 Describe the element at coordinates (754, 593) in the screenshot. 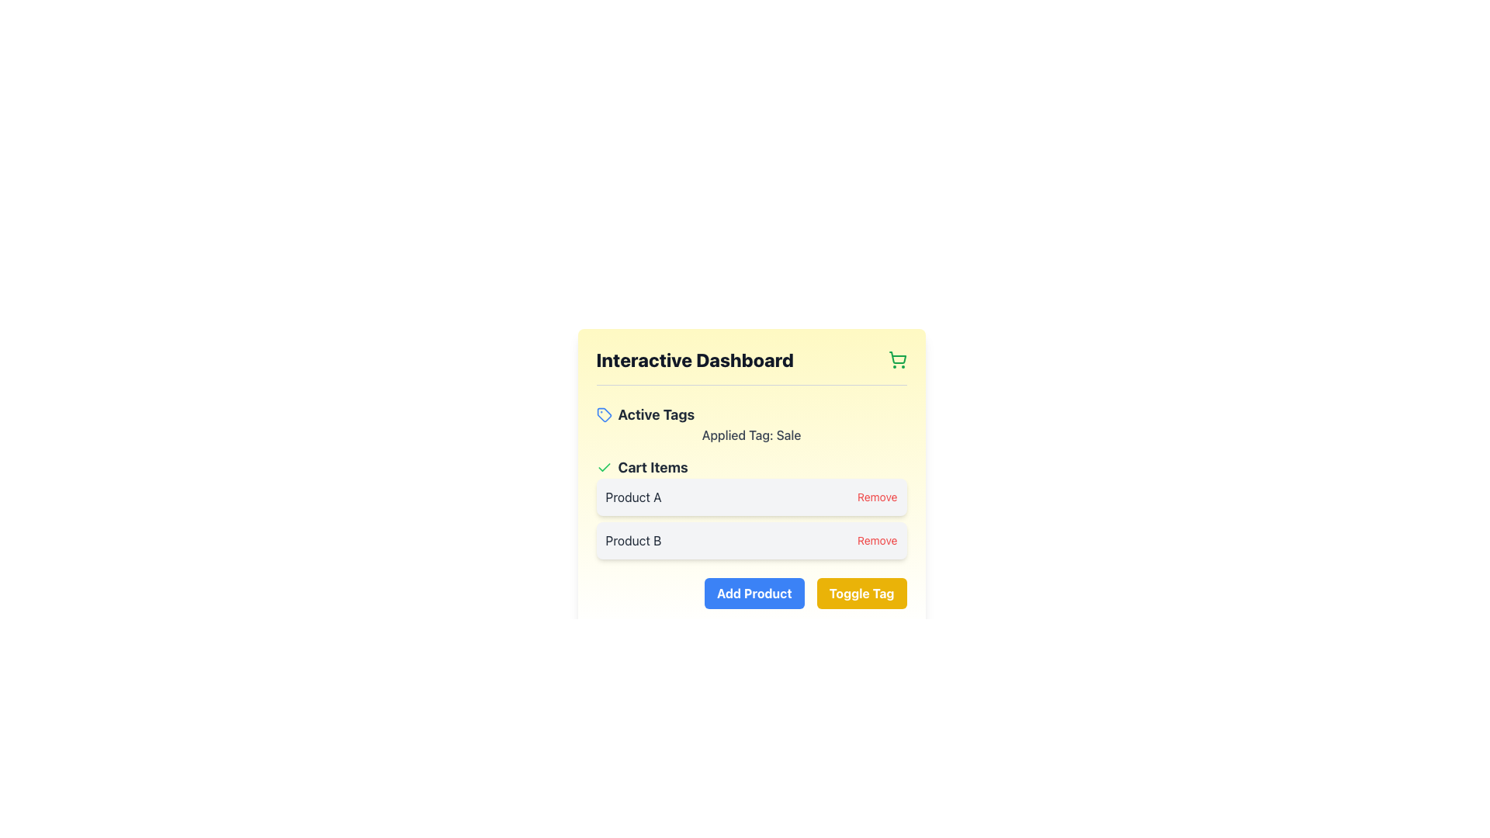

I see `the 'Add Product' button, which is styled with a blue background and white text` at that location.